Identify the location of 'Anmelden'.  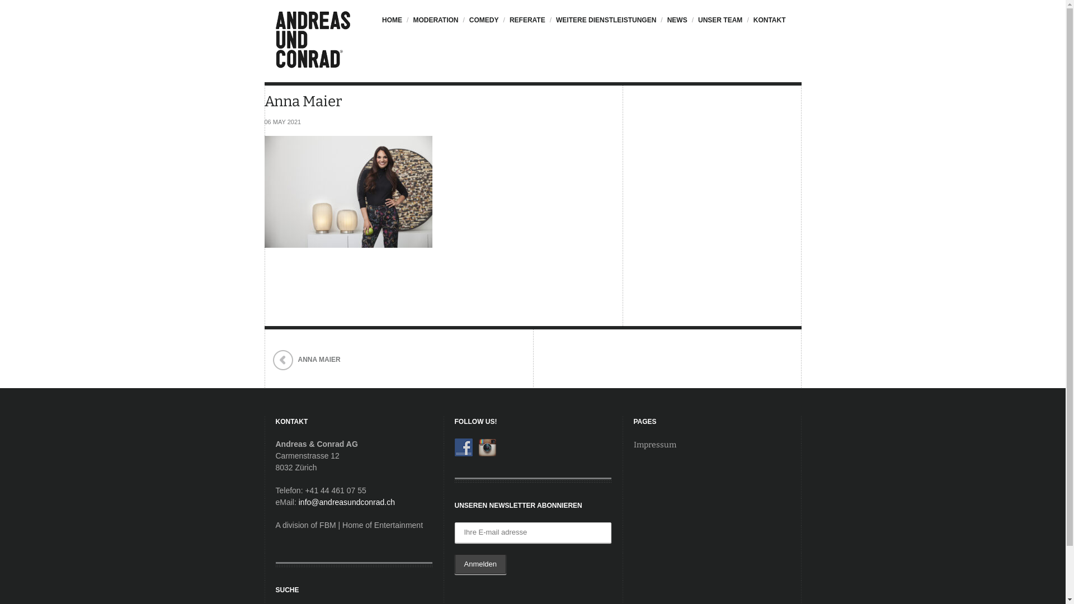
(454, 564).